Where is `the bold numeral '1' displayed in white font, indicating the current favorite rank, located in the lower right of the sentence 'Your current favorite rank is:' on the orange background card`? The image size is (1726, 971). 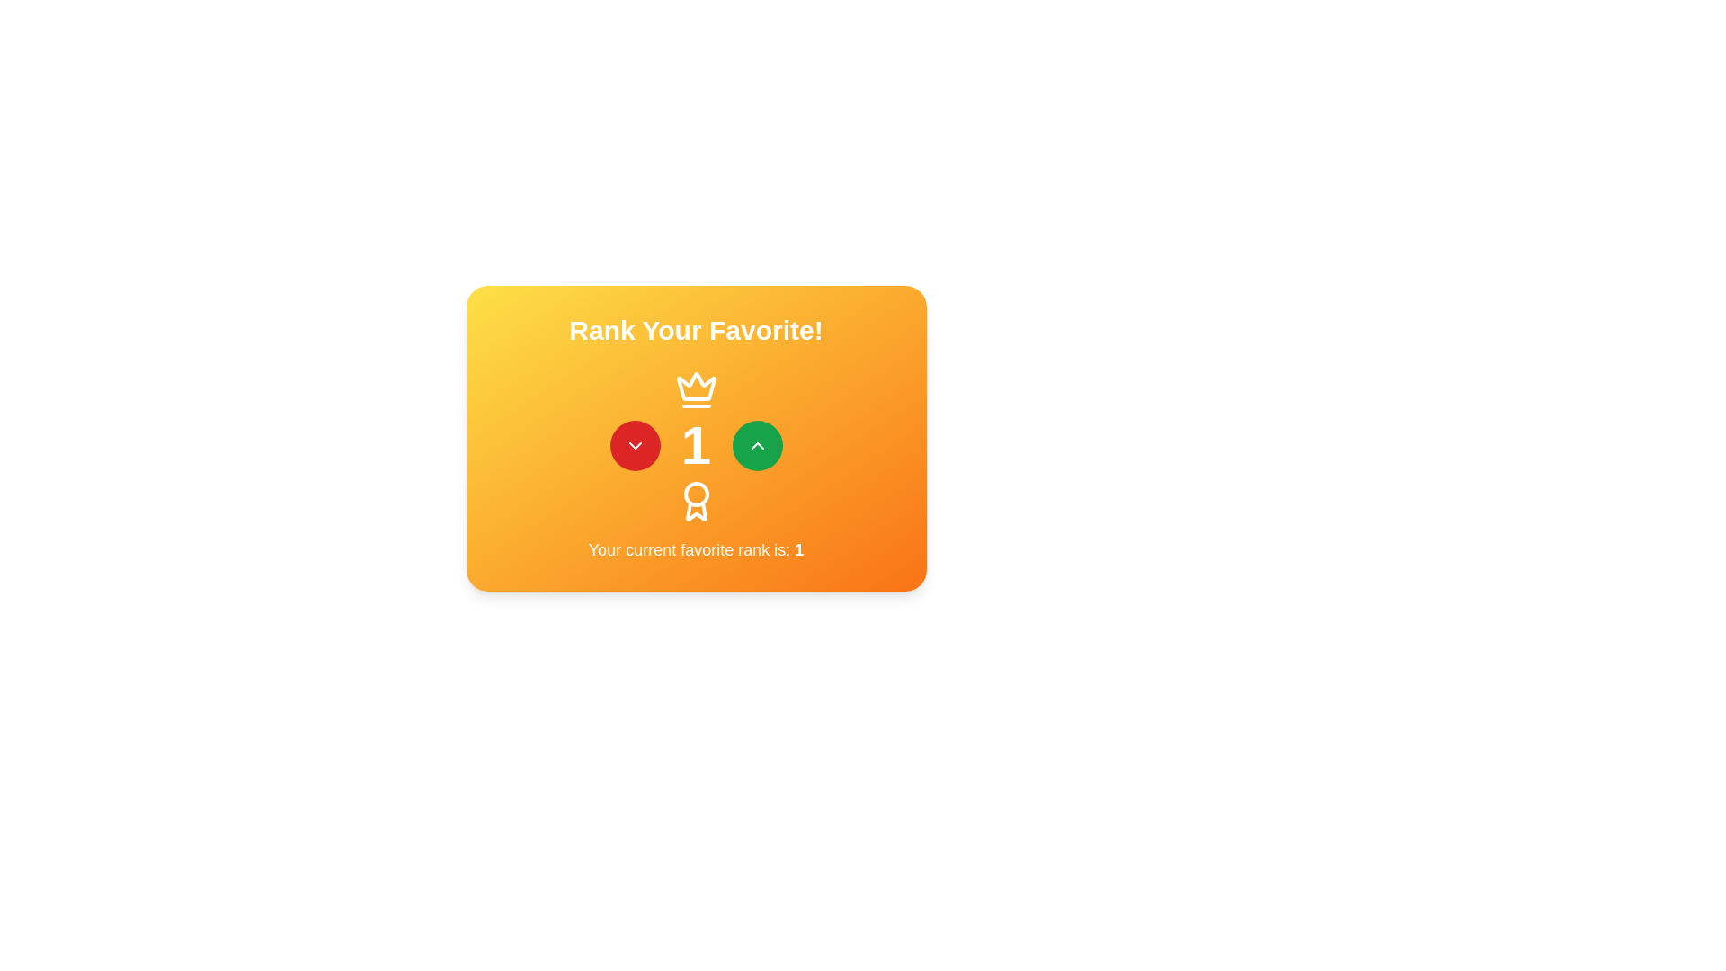
the bold numeral '1' displayed in white font, indicating the current favorite rank, located in the lower right of the sentence 'Your current favorite rank is:' on the orange background card is located at coordinates (798, 549).